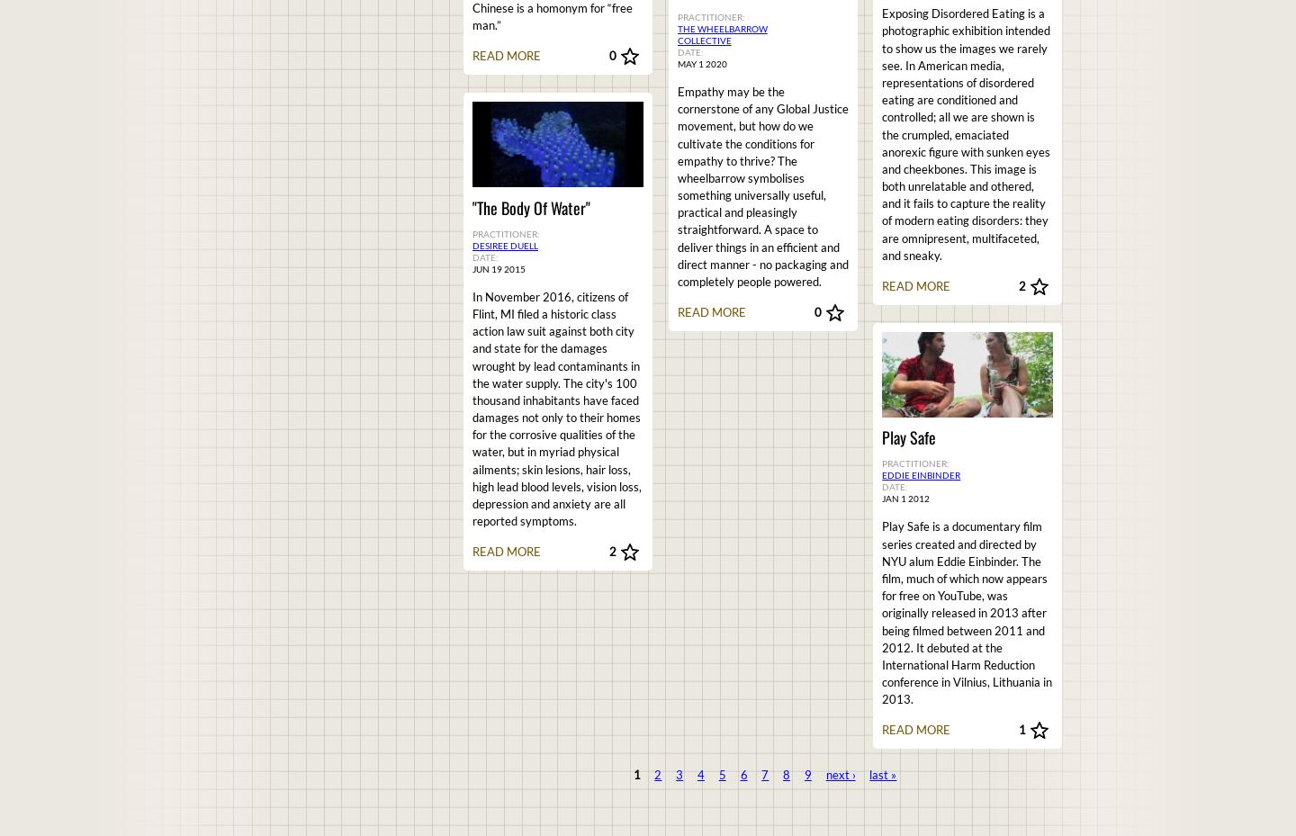 Image resolution: width=1296 pixels, height=836 pixels. What do you see at coordinates (472, 408) in the screenshot?
I see `'In November 2016, citizens of Flint, MI filed a historic class action law suit against both city and state for the damages wrought by lead contaminants in the water supply. The city's 100 thousand inhabitants have faced damages not only to their homes for the corrosive qualities of the water, but in myriad physical ailments; skin lesions, hair loss, high lead blood levels, vision loss, depression and anxiety are all reported symptoms.'` at bounding box center [472, 408].